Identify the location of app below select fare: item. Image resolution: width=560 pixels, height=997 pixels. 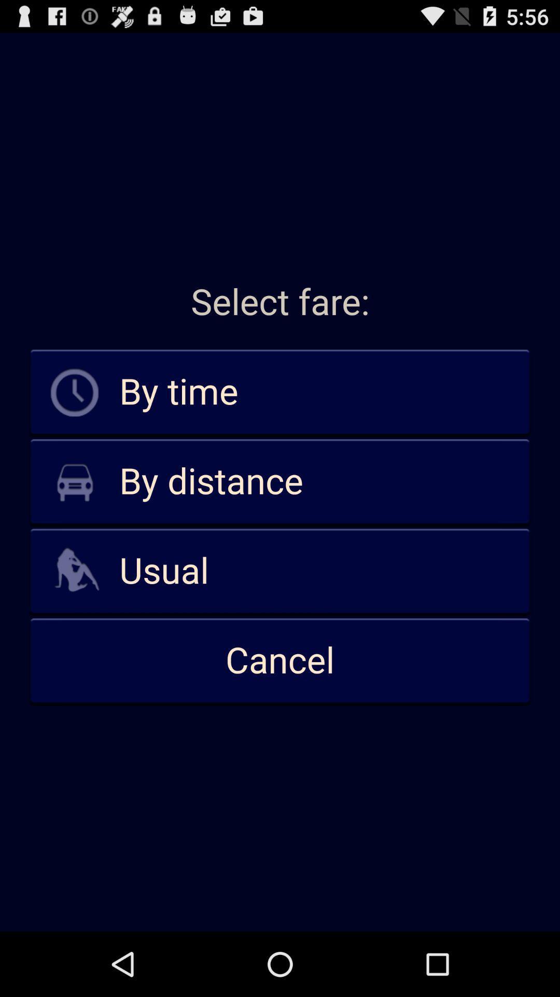
(280, 392).